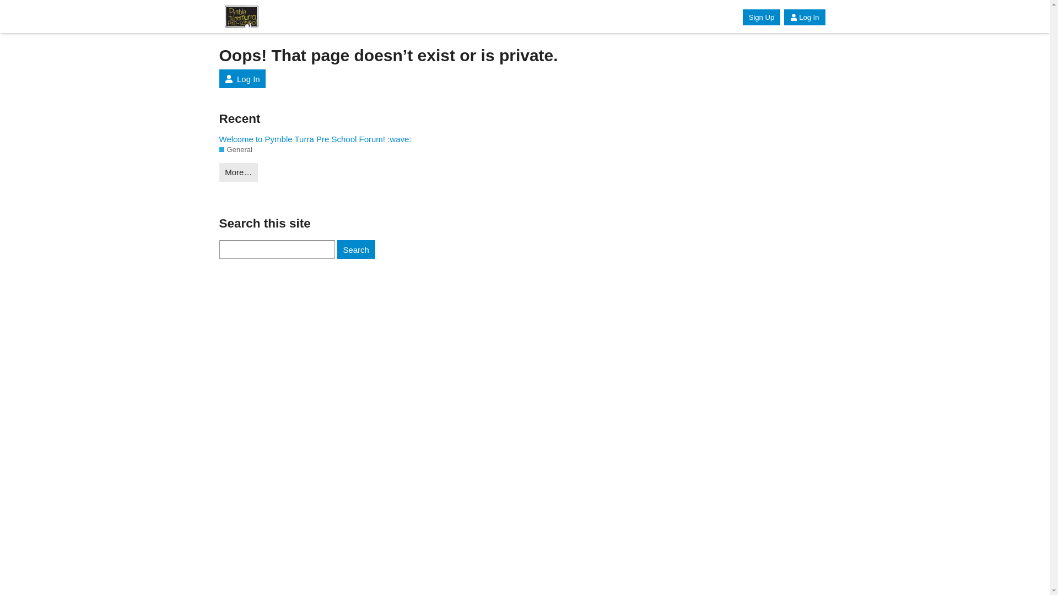 Image resolution: width=1058 pixels, height=595 pixels. What do you see at coordinates (235, 150) in the screenshot?
I see `'General'` at bounding box center [235, 150].